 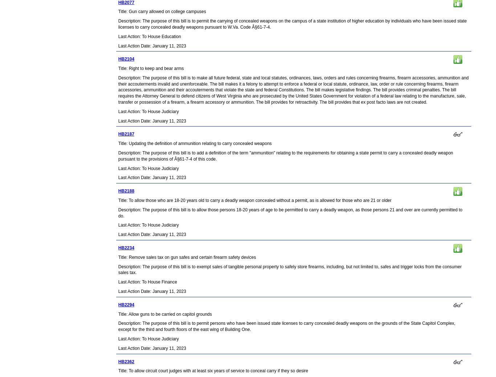 I want to click on 'Title: To allow circuit court judges with at least six years of service to conceal carry if they so desire', so click(x=212, y=371).